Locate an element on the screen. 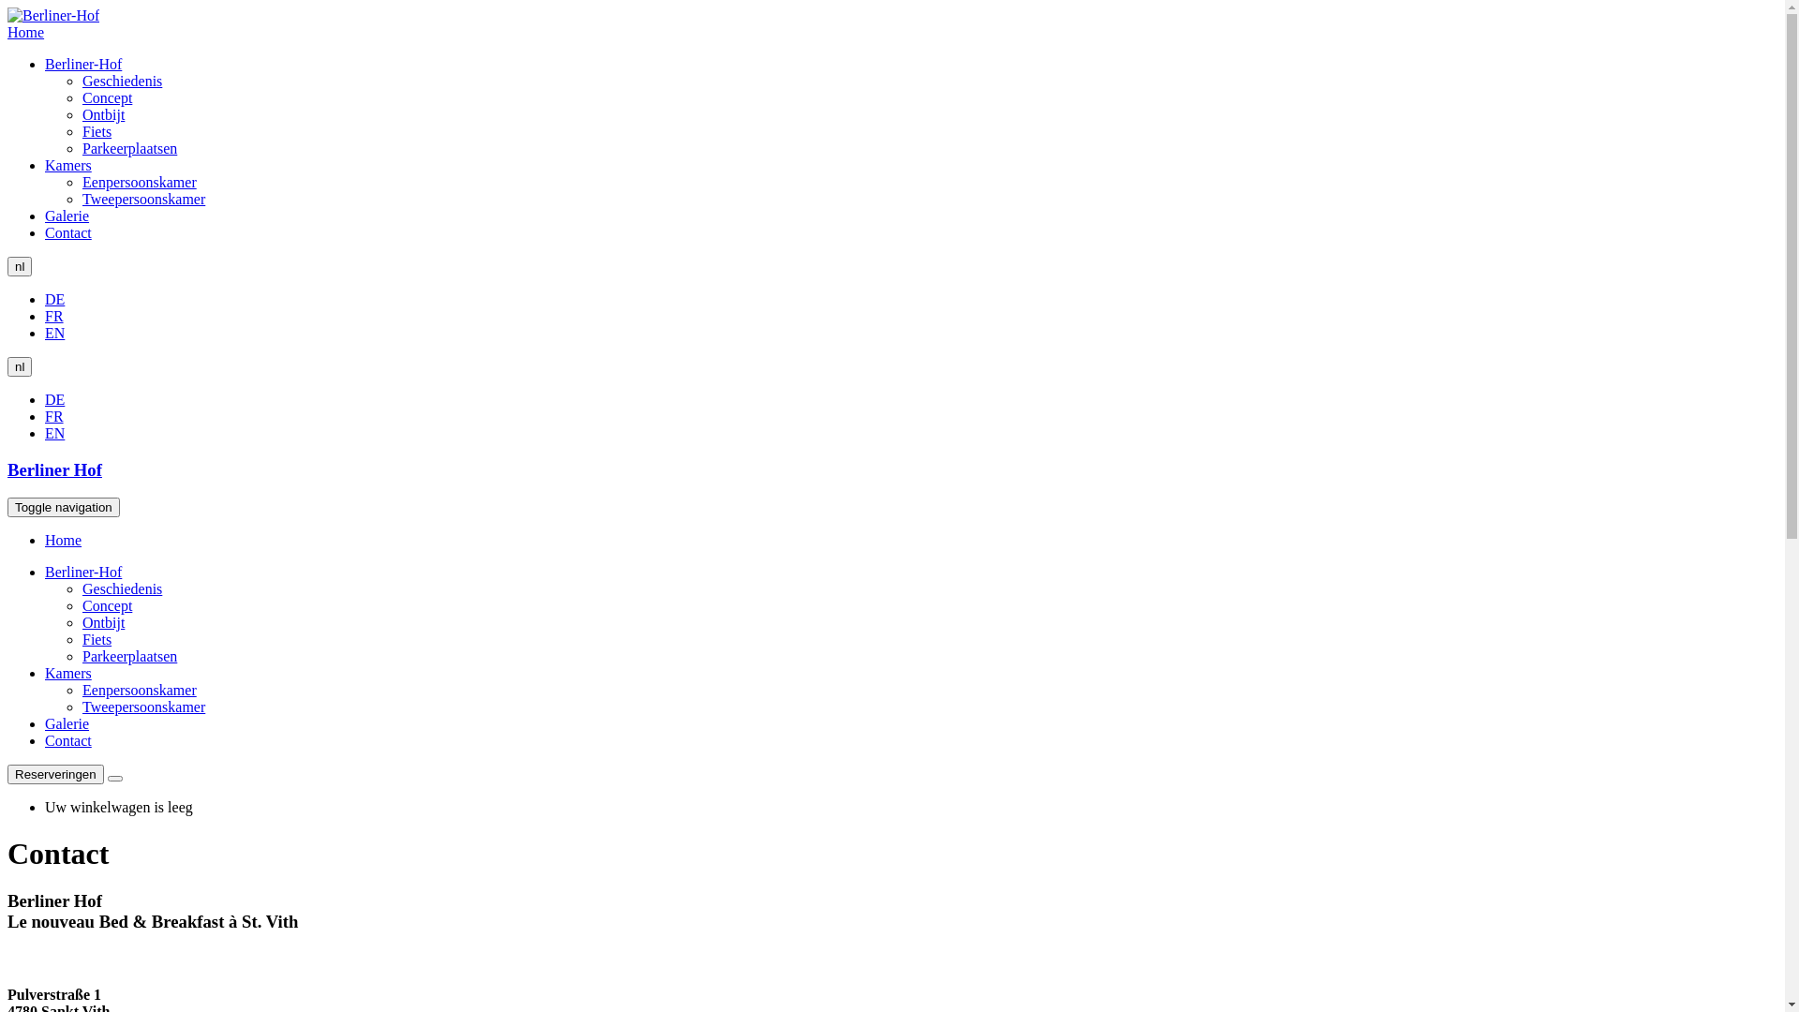  'Berliner-Hof' is located at coordinates (82, 63).